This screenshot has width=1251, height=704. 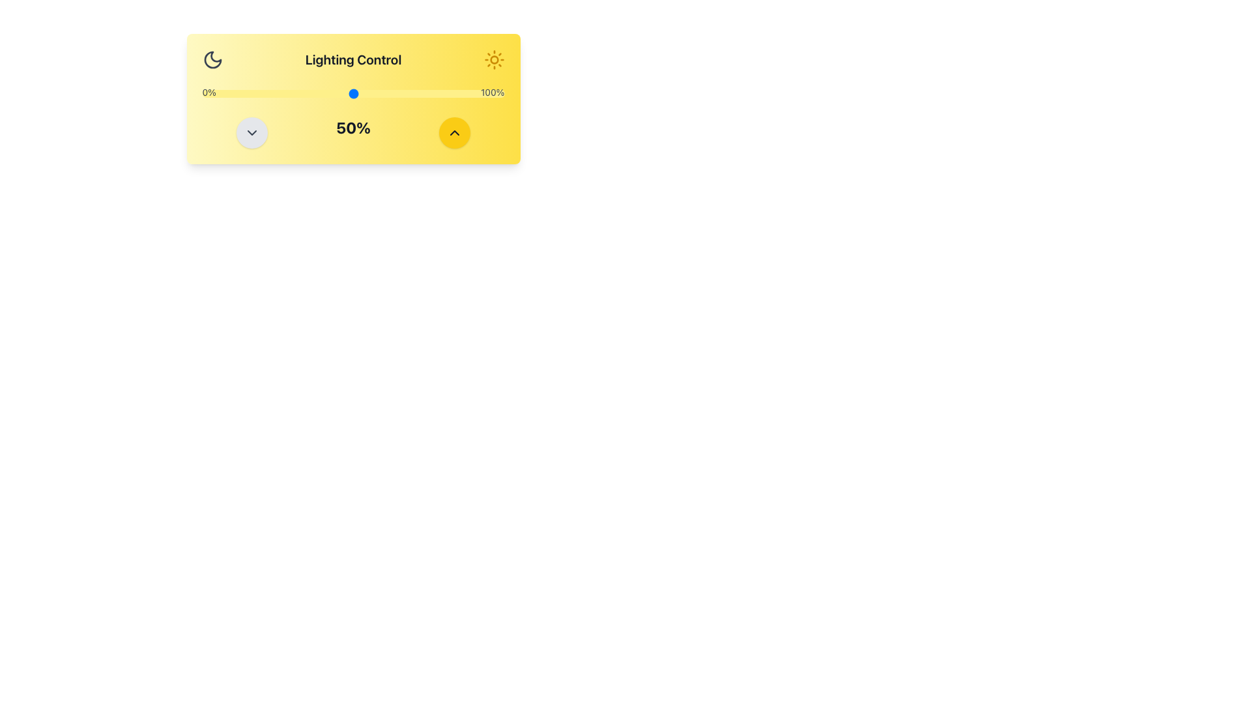 What do you see at coordinates (214, 93) in the screenshot?
I see `the lighting intensity` at bounding box center [214, 93].